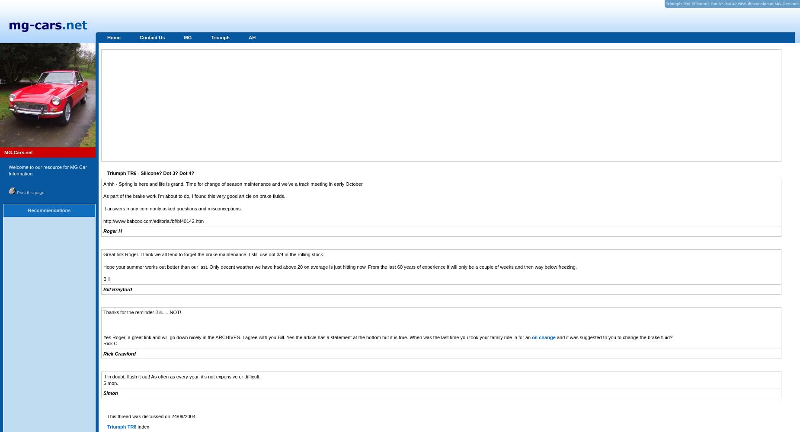  I want to click on 'oil change', so click(543, 337).